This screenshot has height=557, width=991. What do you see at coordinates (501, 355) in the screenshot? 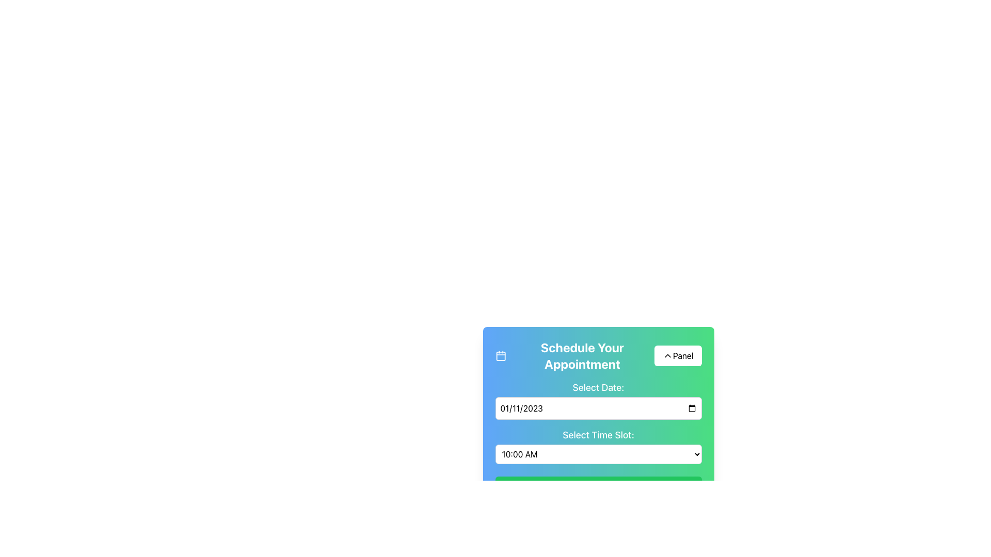
I see `the light blue rounded rectangle icon located at the top center of the calendar graphic in the 'Schedule Your Appointment' form, adjacent to the 'Select Date:' text` at bounding box center [501, 355].